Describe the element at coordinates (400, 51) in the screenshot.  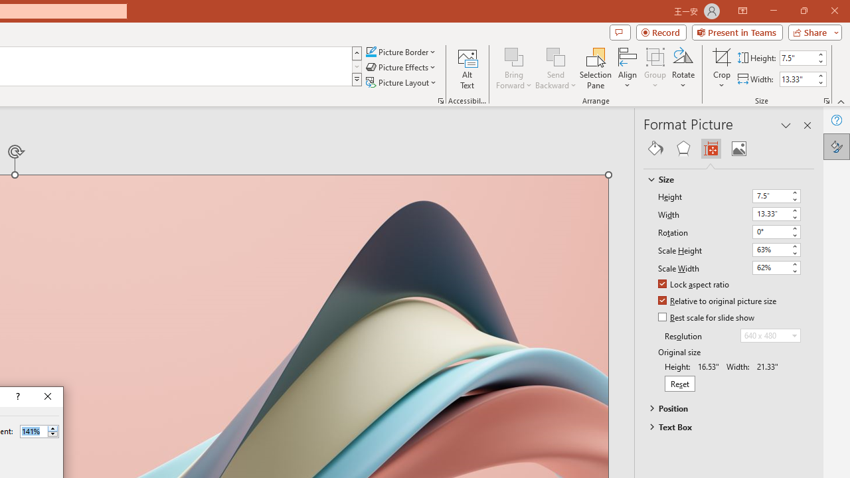
I see `'Picture Border'` at that location.